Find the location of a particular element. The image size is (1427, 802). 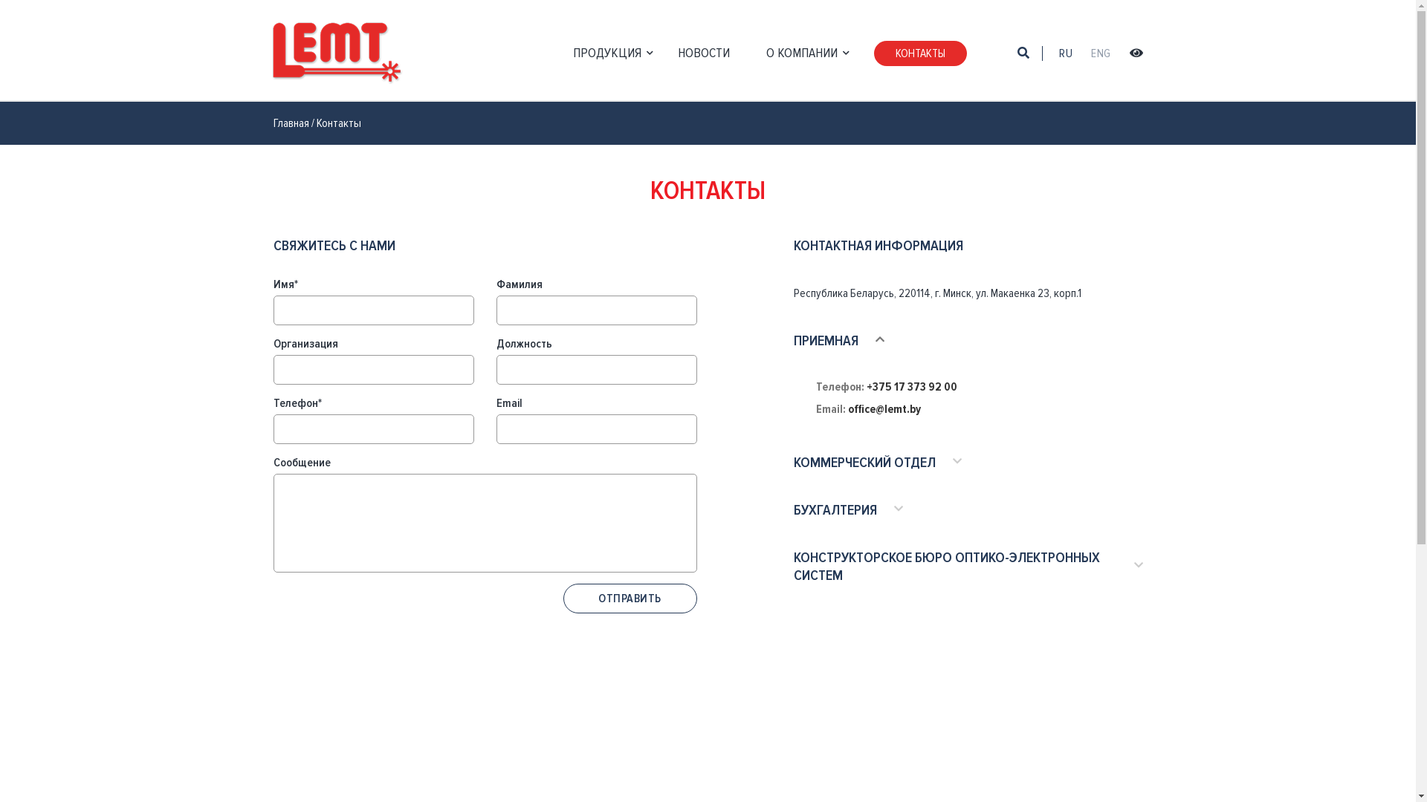

'+375 17 373 92 00' is located at coordinates (911, 385).